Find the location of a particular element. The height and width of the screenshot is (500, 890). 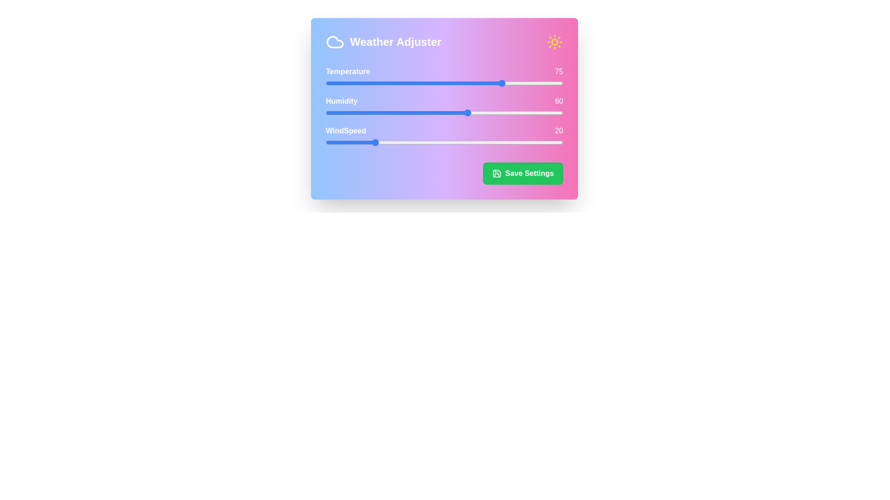

the distinct save button located at the bottom-right section of the Weather Adjuster interface is located at coordinates (523, 173).